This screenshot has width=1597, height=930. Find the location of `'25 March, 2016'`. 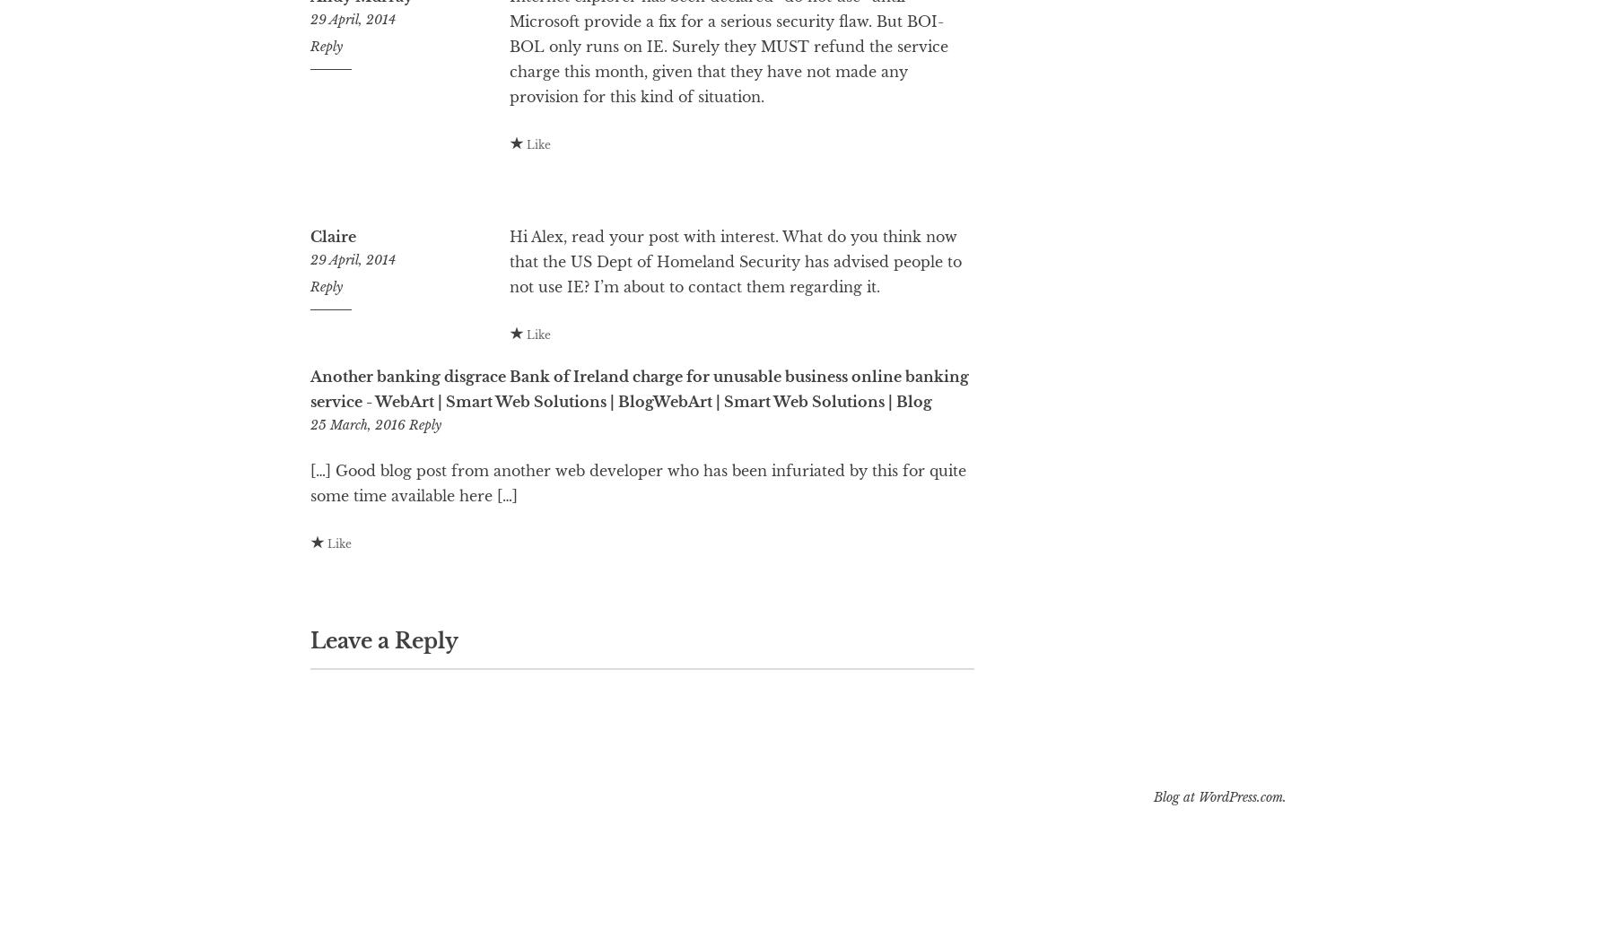

'25 March, 2016' is located at coordinates (310, 496).